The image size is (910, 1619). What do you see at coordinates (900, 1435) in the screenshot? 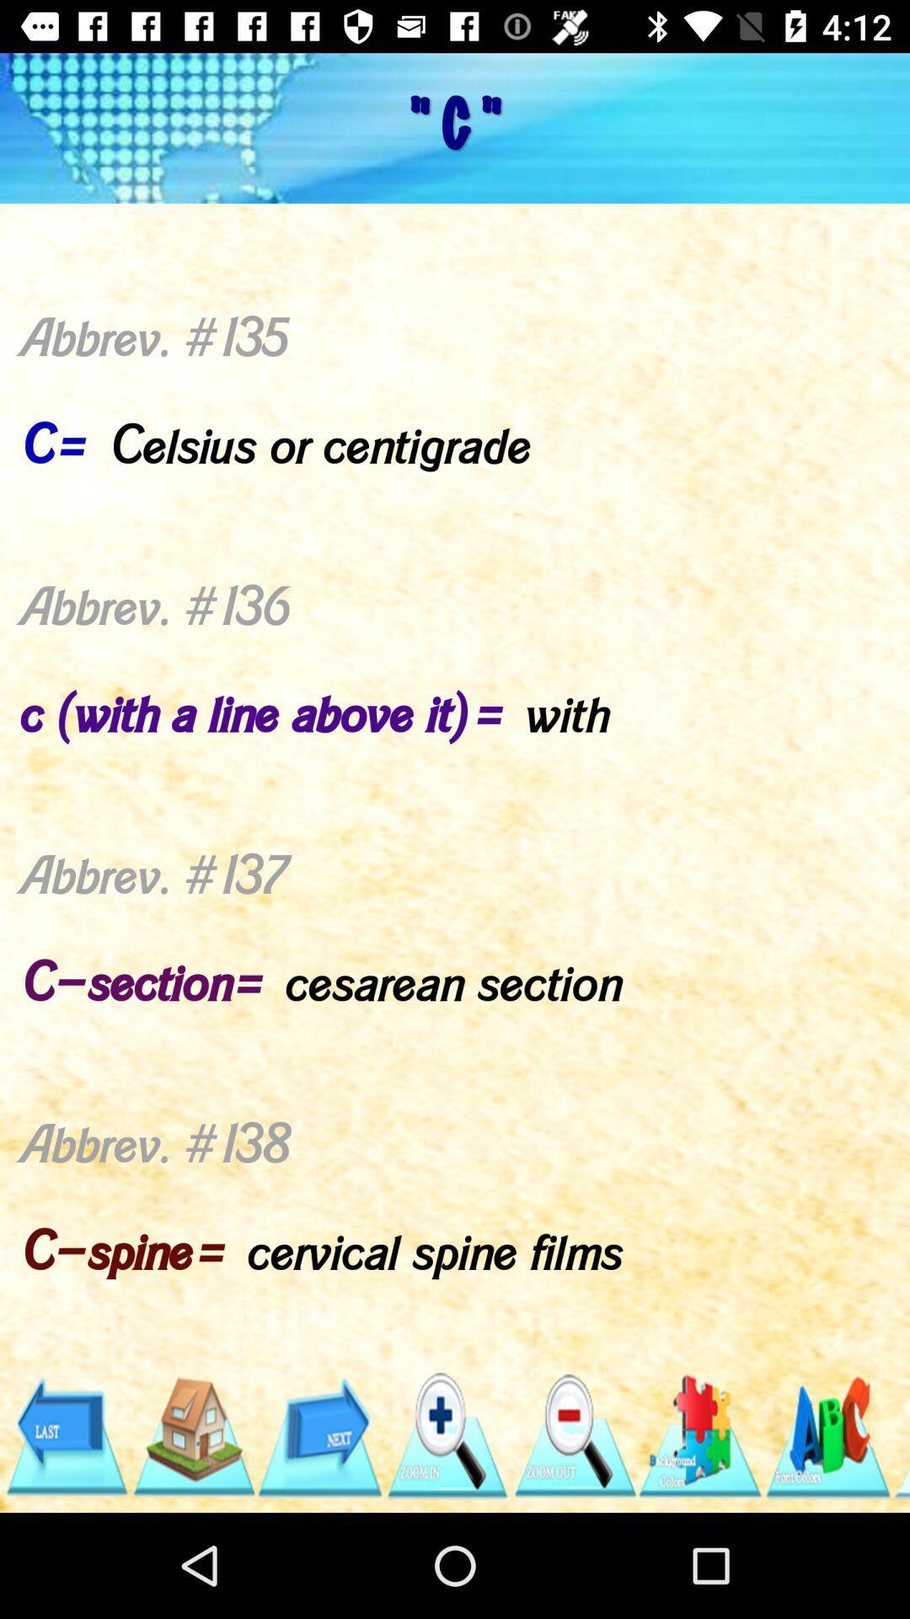
I see `item below the abbrev 	135	 	c	 icon` at bounding box center [900, 1435].